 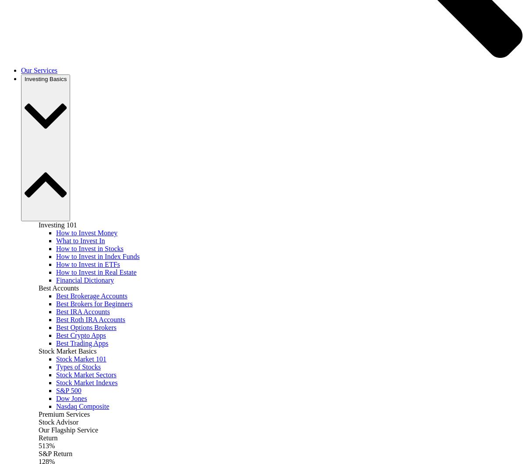 What do you see at coordinates (82, 312) in the screenshot?
I see `'Best IRA Accounts'` at bounding box center [82, 312].